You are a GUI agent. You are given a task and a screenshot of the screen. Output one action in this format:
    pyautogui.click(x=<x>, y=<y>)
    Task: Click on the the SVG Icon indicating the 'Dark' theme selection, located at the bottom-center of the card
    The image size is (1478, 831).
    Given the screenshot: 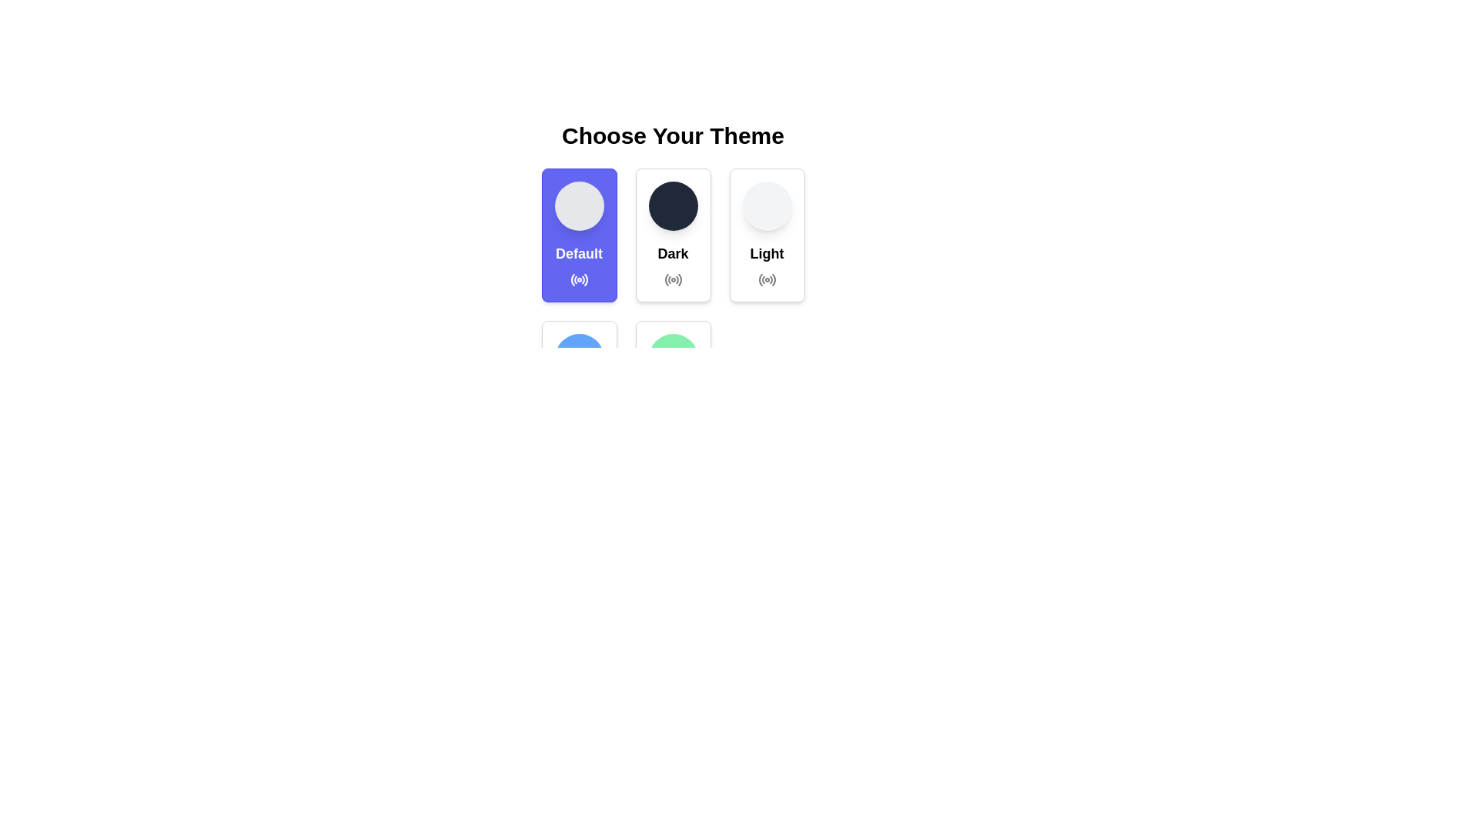 What is the action you would take?
    pyautogui.click(x=673, y=279)
    